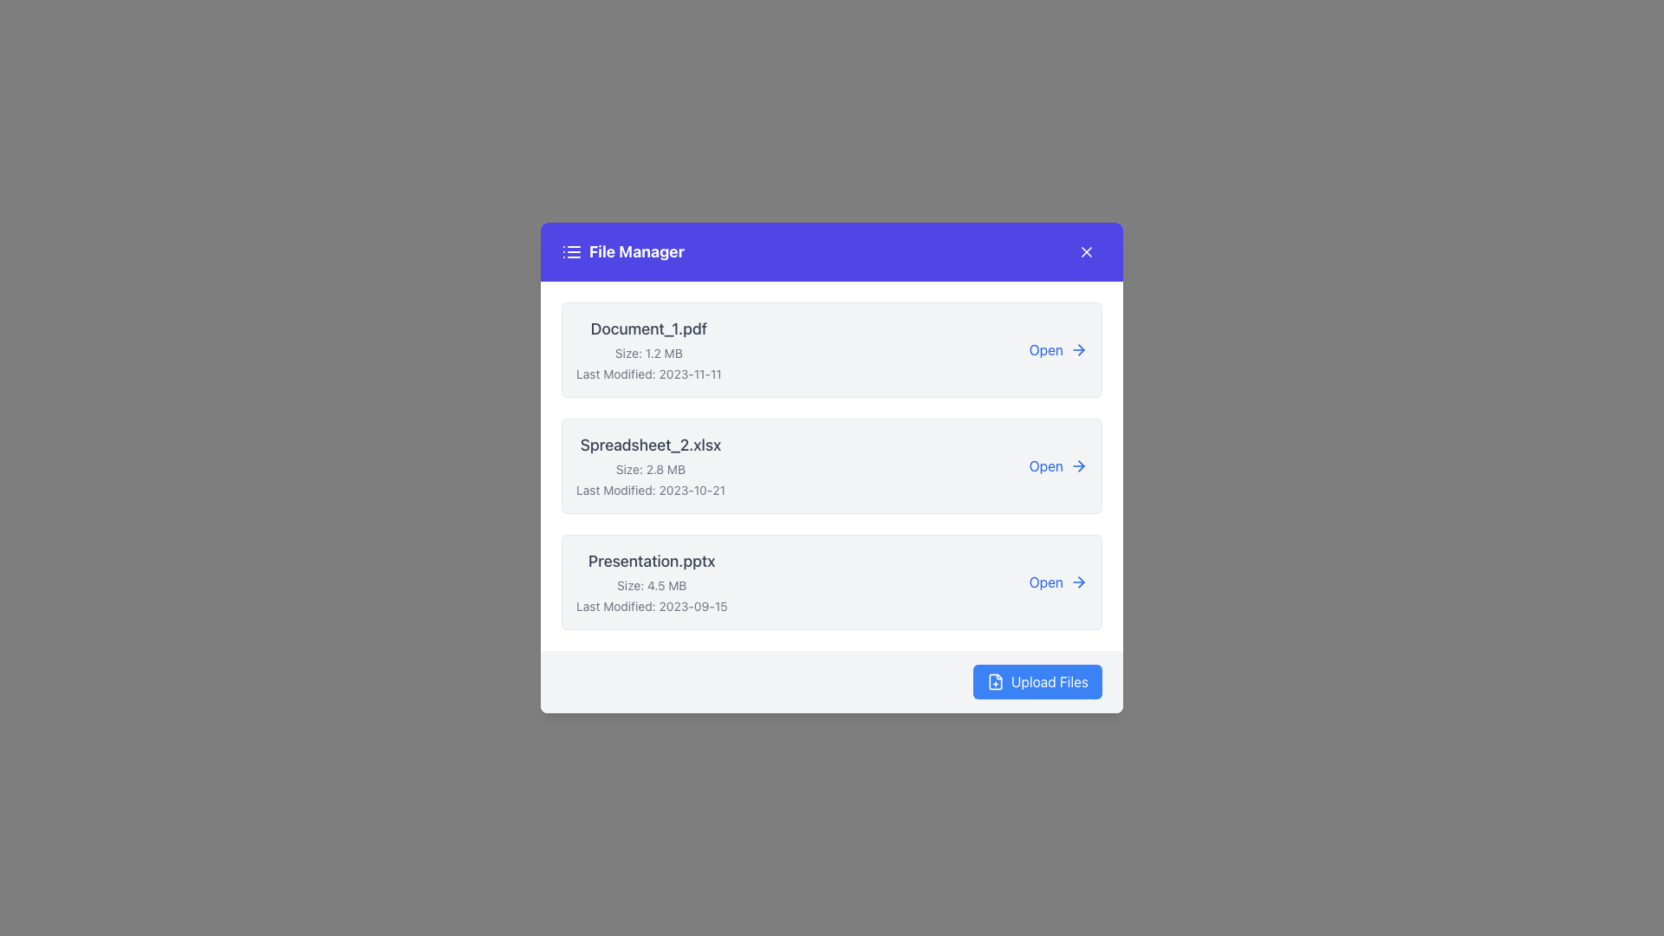  Describe the element at coordinates (1057, 582) in the screenshot. I see `the blue-colored 'Open' text link with a right arrow icon located at the far right end of the 'Presentation.pptx' file entry` at that location.